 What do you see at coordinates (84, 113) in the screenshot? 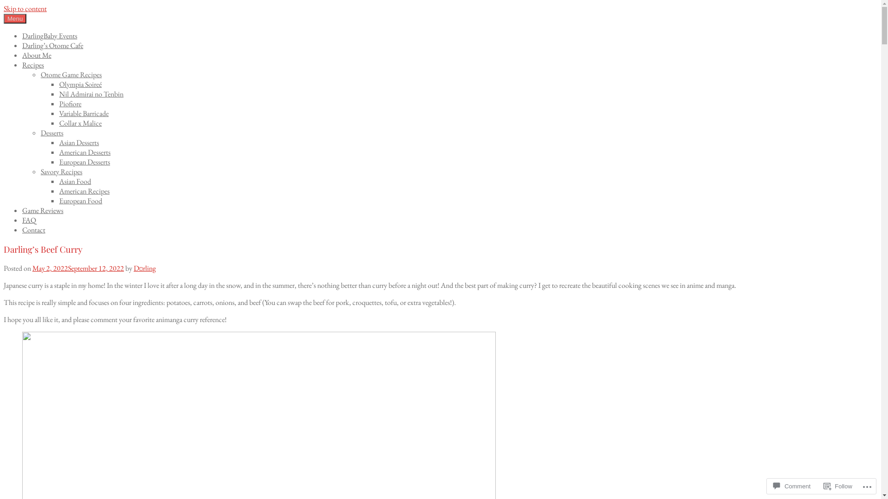
I see `'Variable Barricade'` at bounding box center [84, 113].